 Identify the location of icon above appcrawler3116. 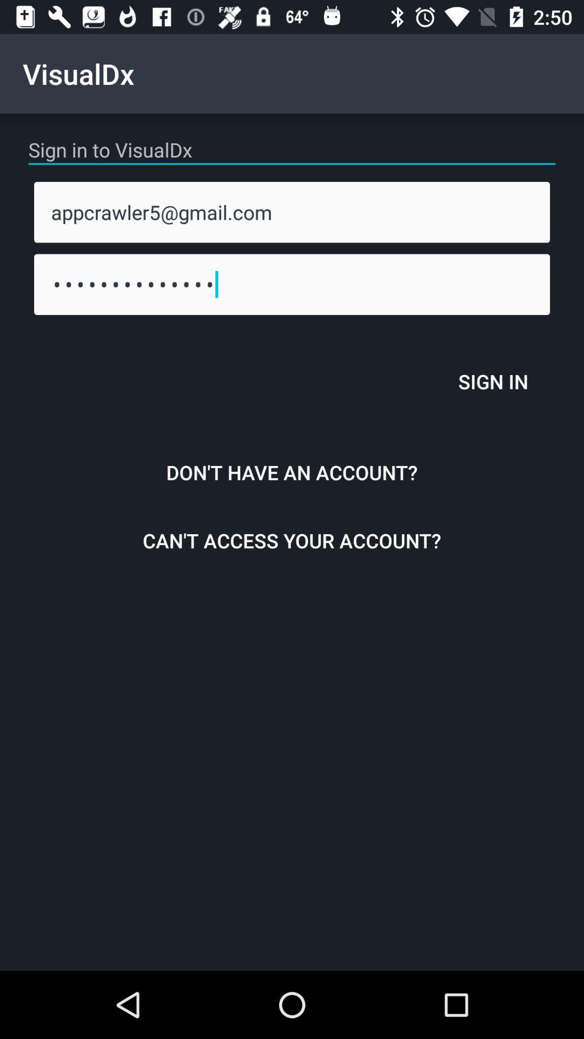
(292, 212).